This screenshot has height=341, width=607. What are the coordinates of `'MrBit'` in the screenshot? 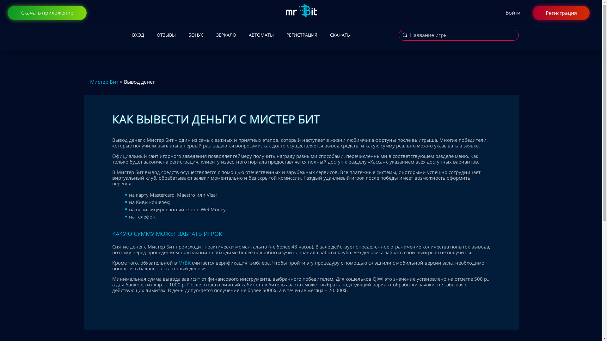 It's located at (184, 263).